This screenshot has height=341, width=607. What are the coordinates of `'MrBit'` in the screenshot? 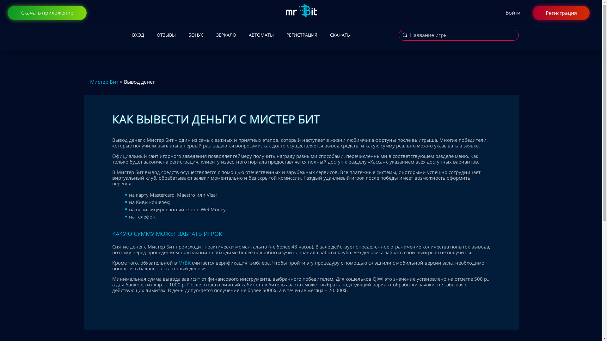 It's located at (184, 263).